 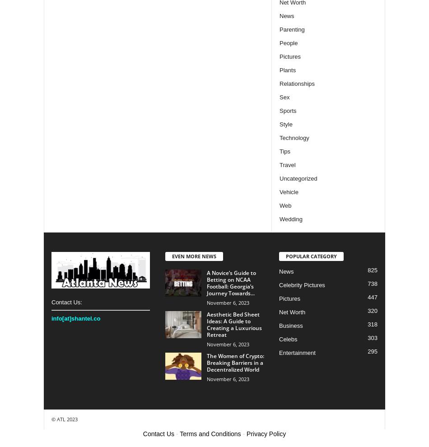 What do you see at coordinates (292, 312) in the screenshot?
I see `'Net Worth'` at bounding box center [292, 312].